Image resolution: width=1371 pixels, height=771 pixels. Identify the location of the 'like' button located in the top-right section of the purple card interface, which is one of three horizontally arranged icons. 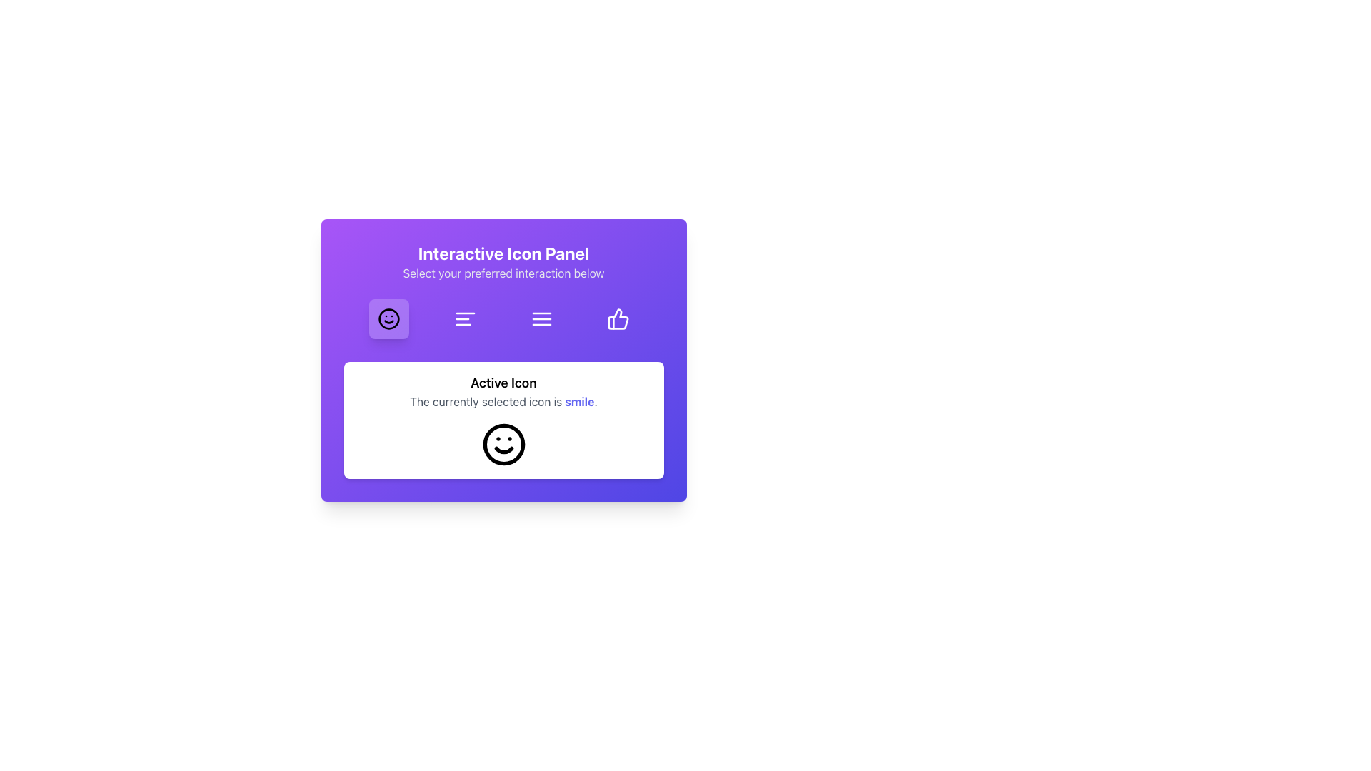
(618, 318).